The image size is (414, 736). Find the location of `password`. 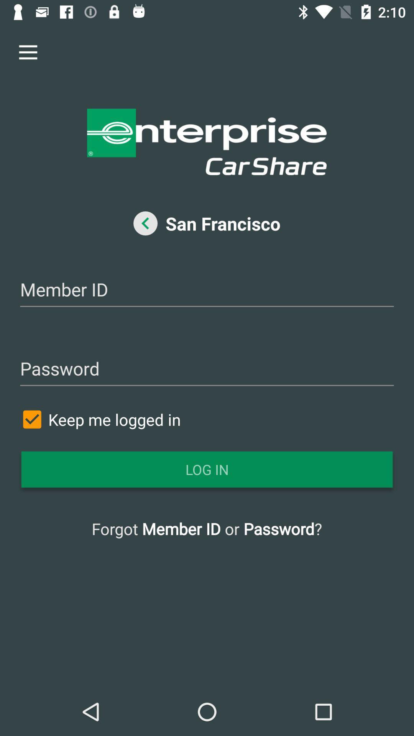

password is located at coordinates (207, 370).